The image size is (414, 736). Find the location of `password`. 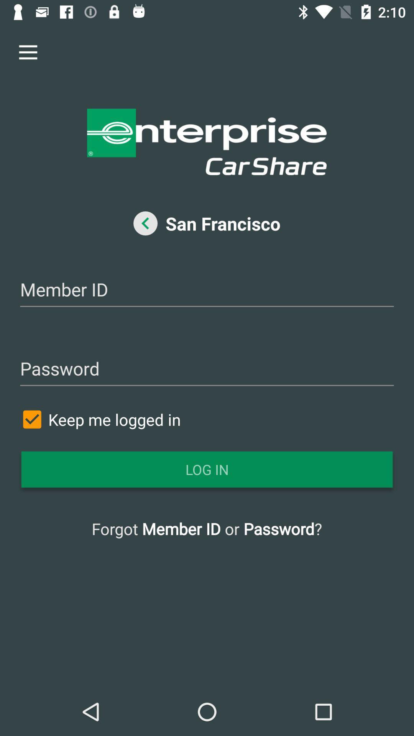

password is located at coordinates (207, 370).